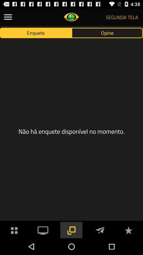 This screenshot has width=143, height=255. What do you see at coordinates (100, 229) in the screenshot?
I see `send` at bounding box center [100, 229].